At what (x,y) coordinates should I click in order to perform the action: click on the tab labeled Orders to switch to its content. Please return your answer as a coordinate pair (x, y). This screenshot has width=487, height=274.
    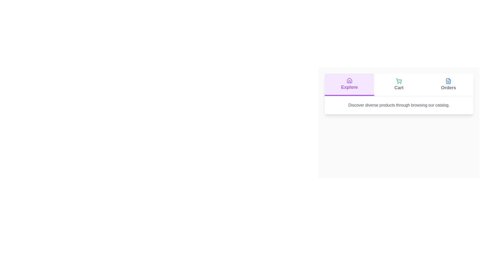
    Looking at the image, I should click on (448, 84).